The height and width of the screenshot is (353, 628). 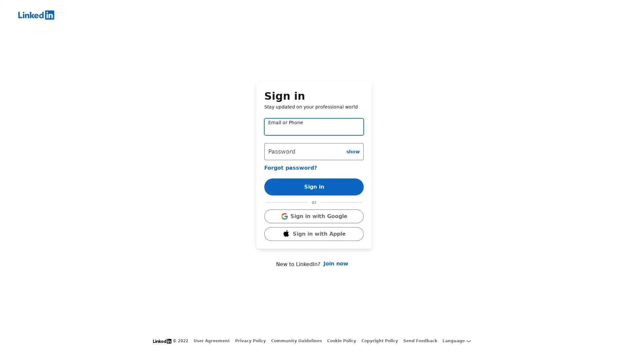 I want to click on Language, so click(x=456, y=341).